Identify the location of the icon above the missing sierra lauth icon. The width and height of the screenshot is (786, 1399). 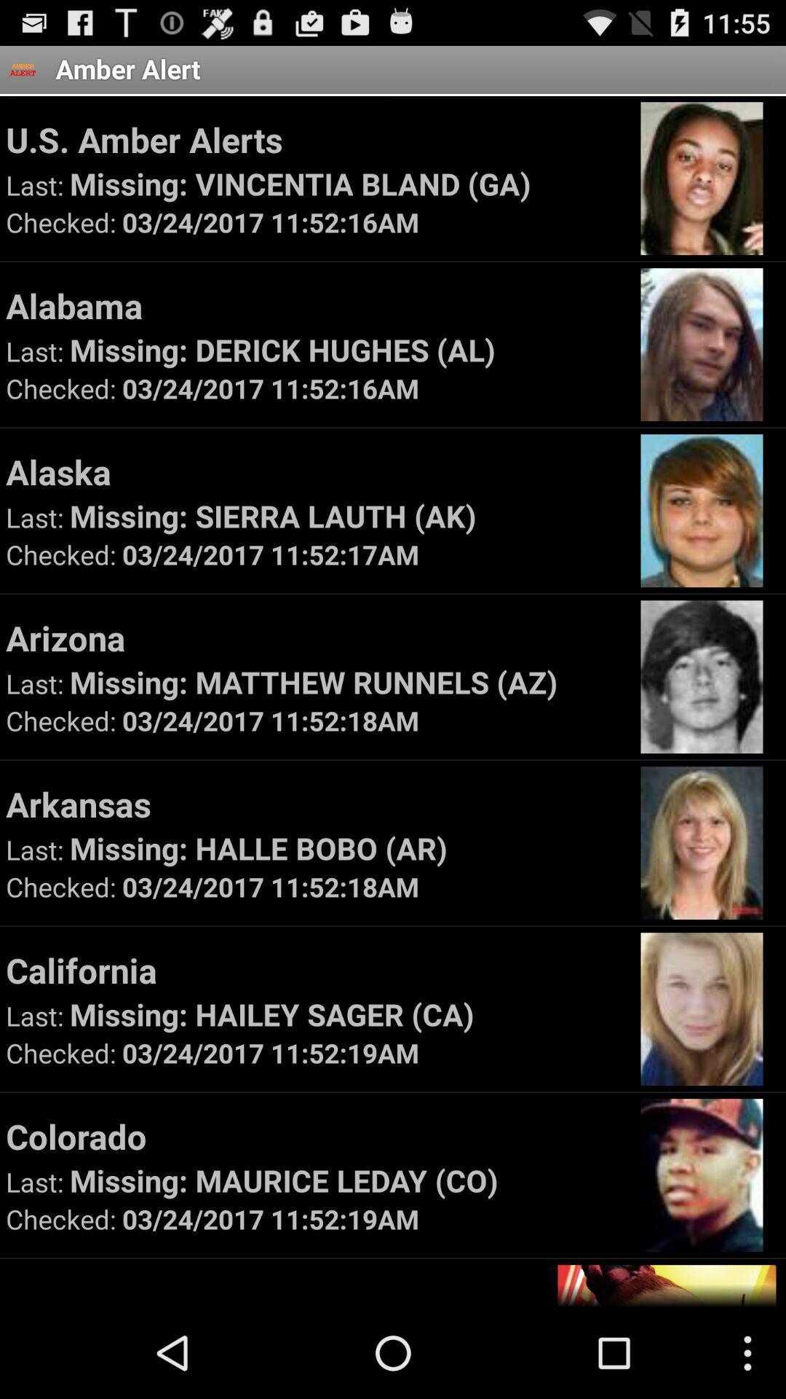
(316, 471).